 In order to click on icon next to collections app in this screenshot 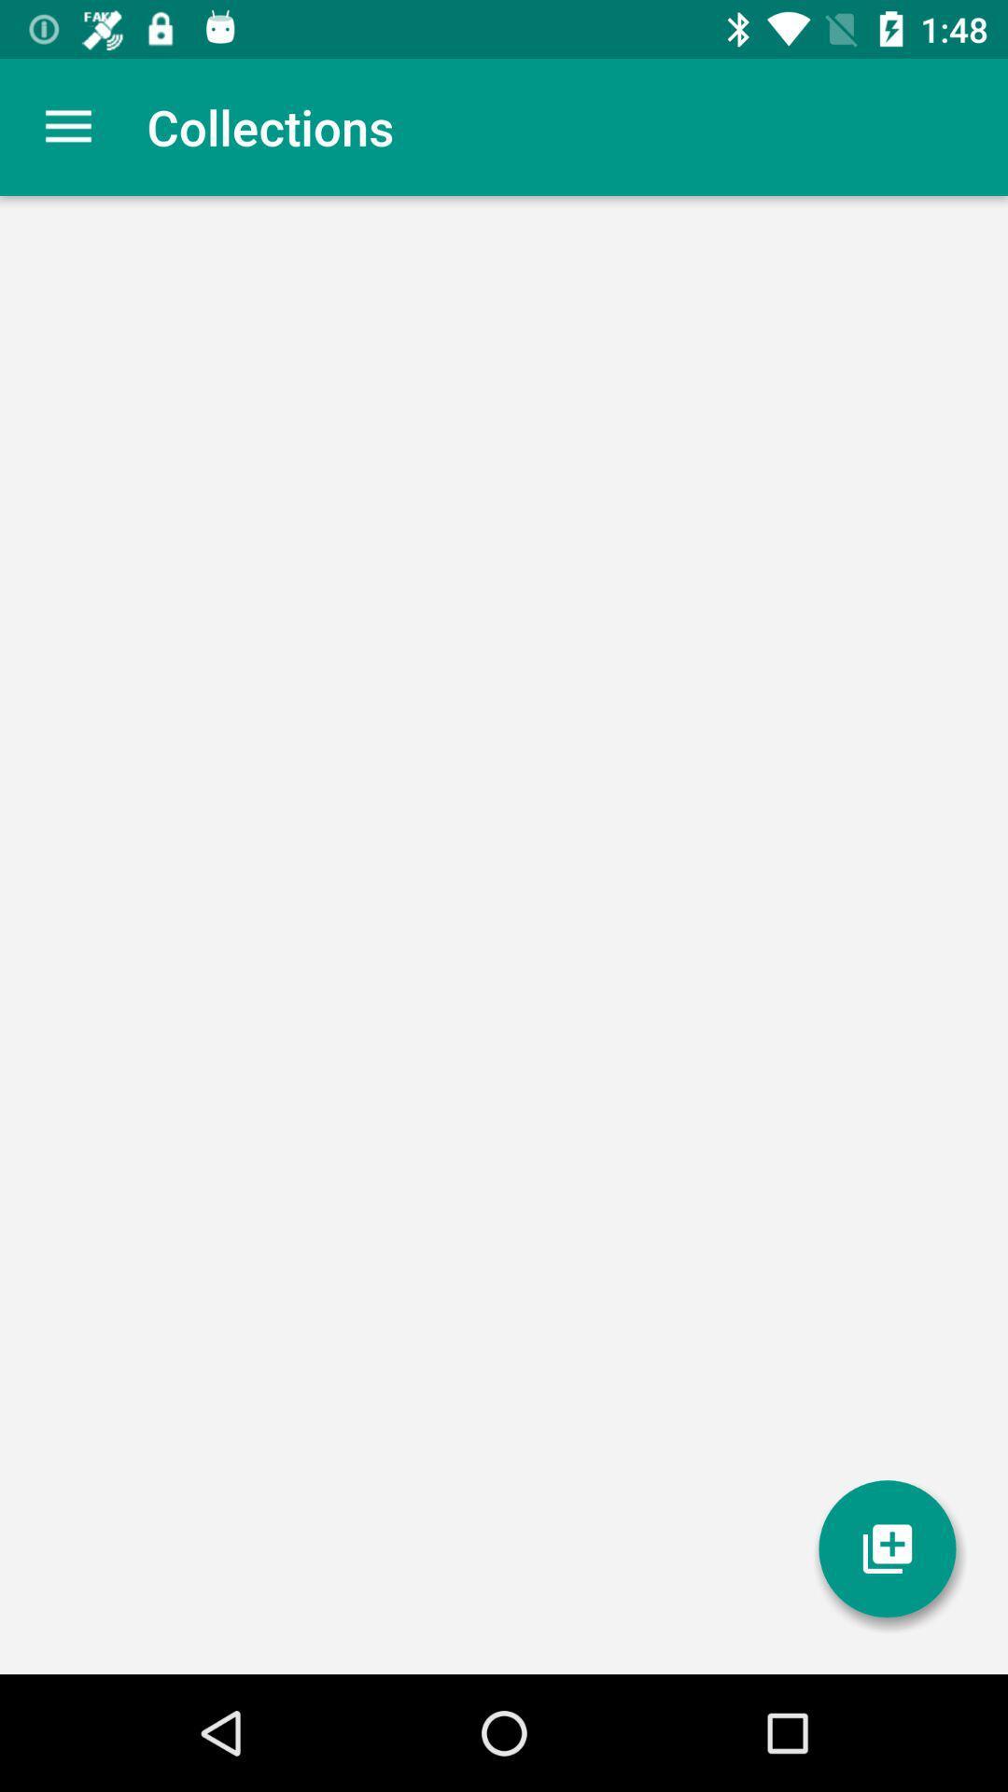, I will do `click(67, 126)`.